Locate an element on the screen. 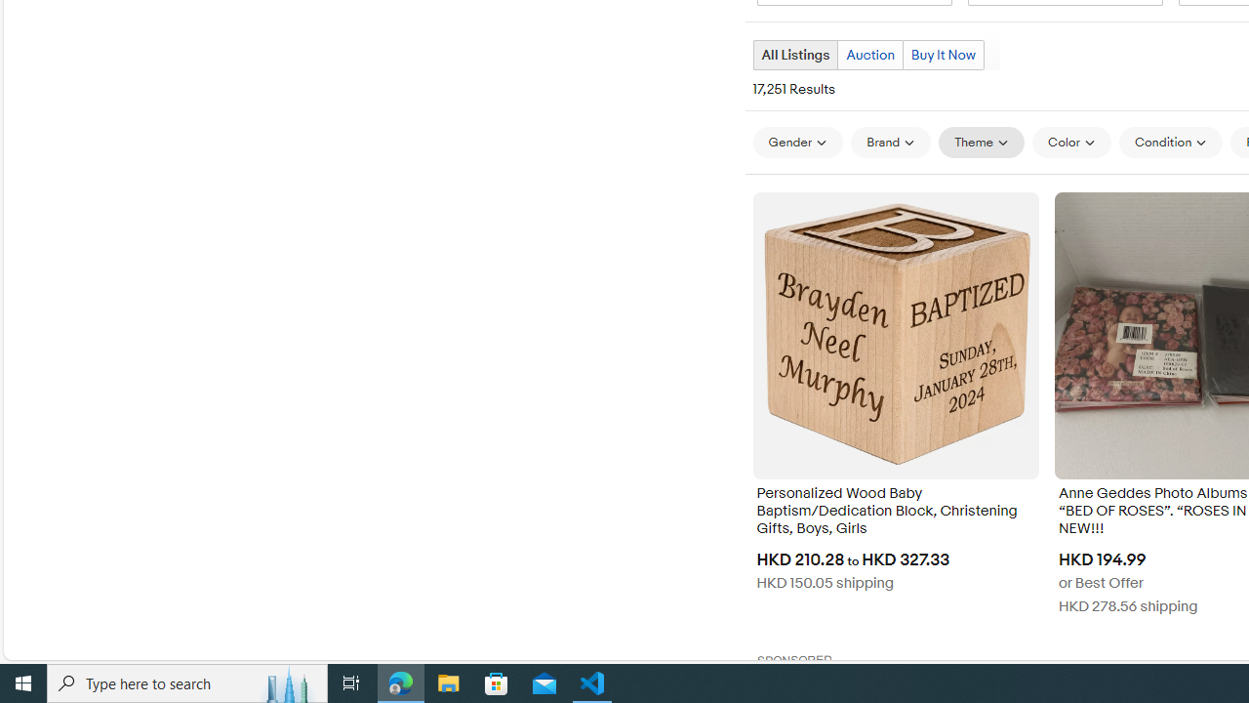 This screenshot has width=1249, height=703. 'Gender' is located at coordinates (797, 142).